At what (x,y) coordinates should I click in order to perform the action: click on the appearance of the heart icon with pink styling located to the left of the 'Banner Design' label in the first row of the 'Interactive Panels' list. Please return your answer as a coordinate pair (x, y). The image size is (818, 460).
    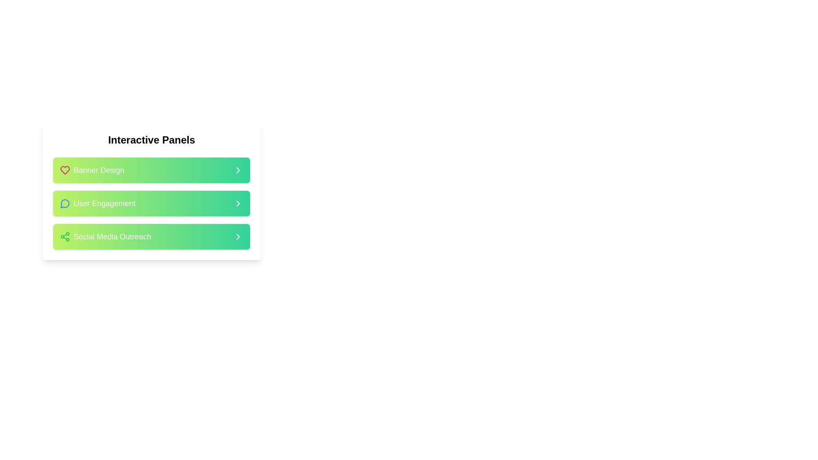
    Looking at the image, I should click on (65, 170).